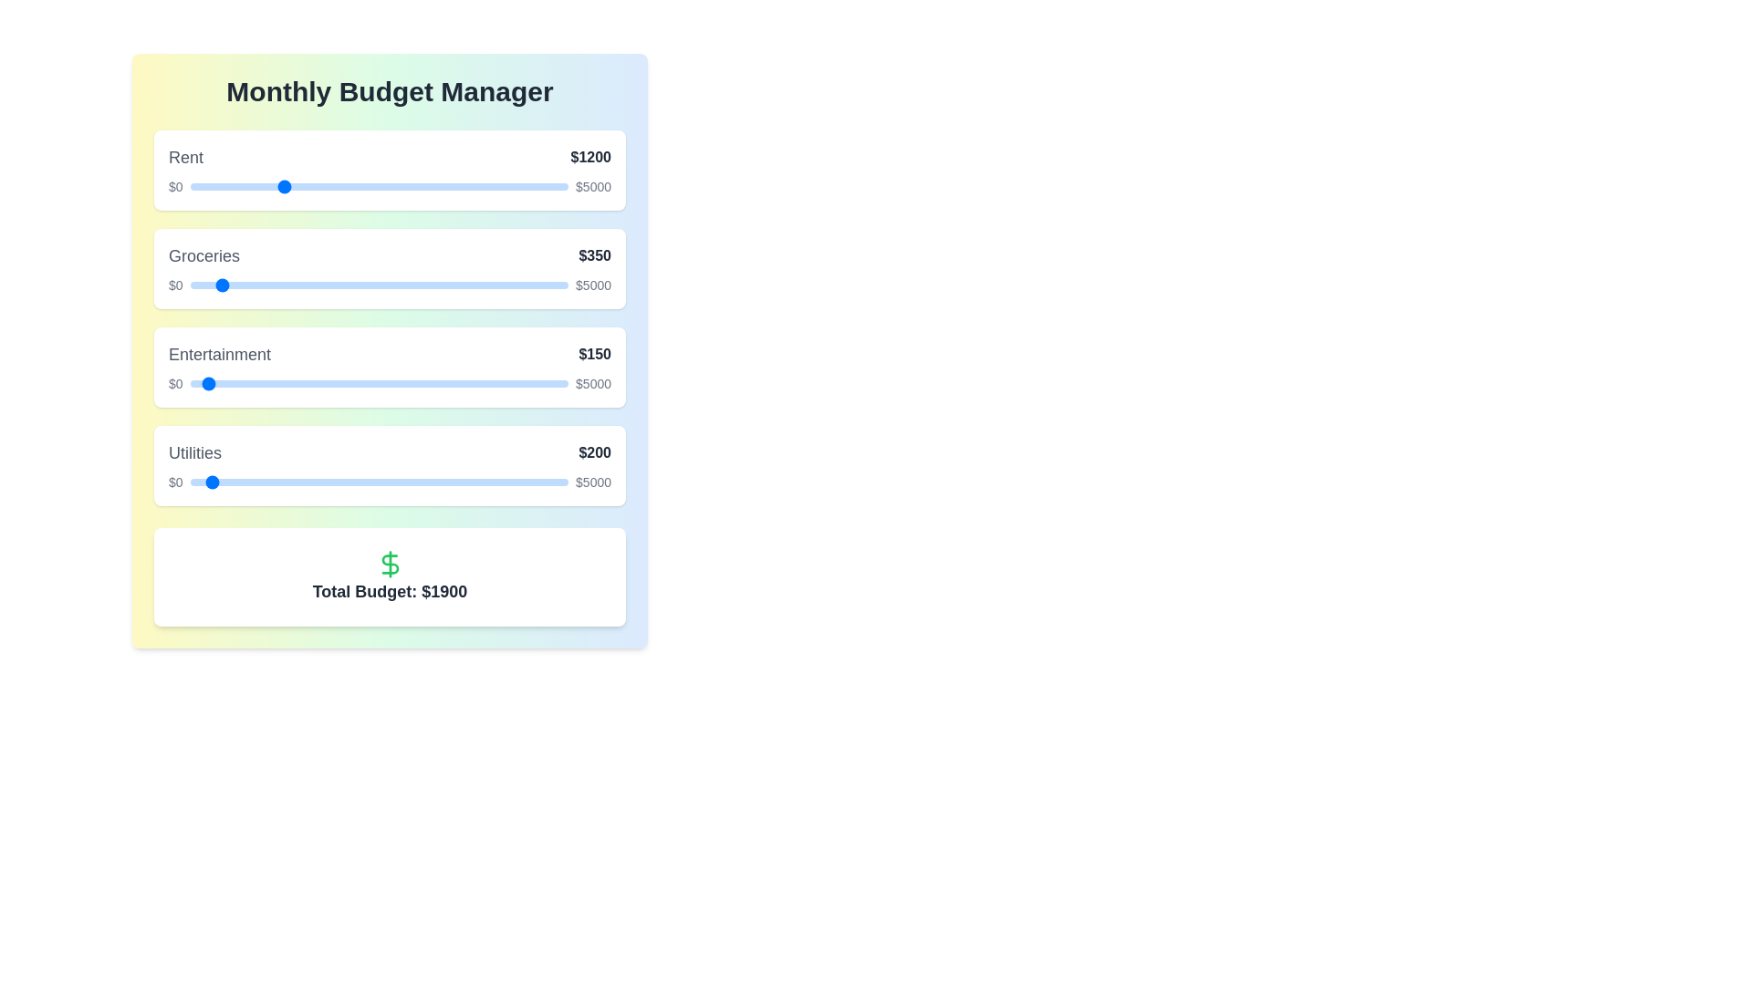 Image resolution: width=1752 pixels, height=985 pixels. Describe the element at coordinates (219, 355) in the screenshot. I see `the static text label for the 'Entertainment' expense category, which is positioned in the middle of the third row of expense categories` at that location.